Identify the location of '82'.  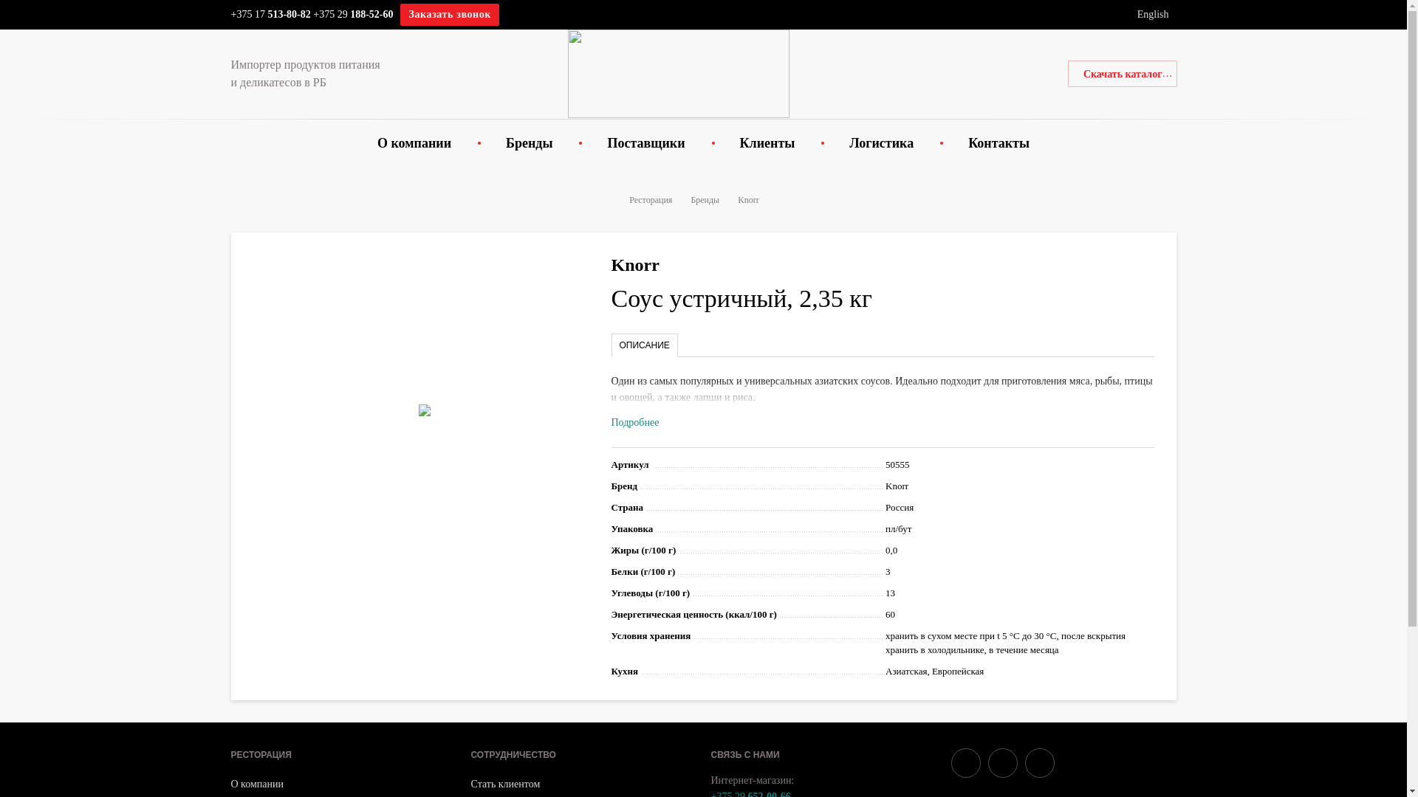
(304, 14).